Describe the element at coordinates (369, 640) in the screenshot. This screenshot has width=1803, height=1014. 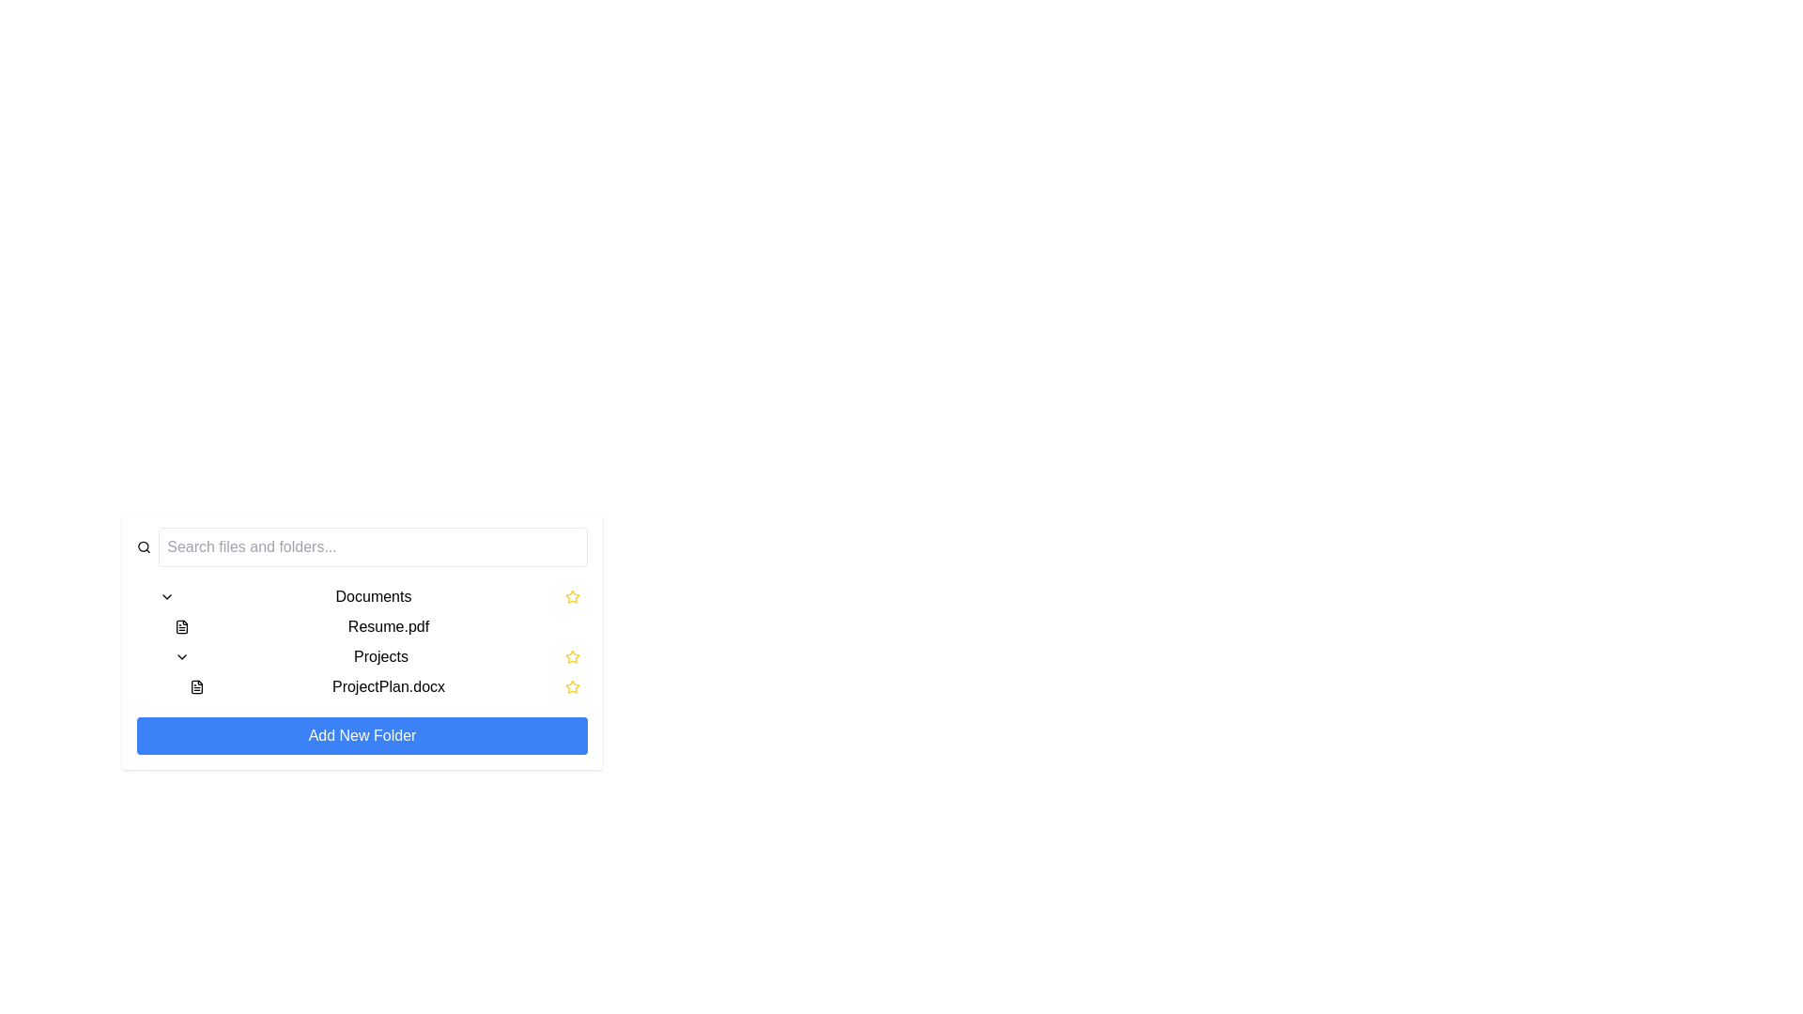
I see `to select the file 'Resume.pdf', which is the second nested item listed under the 'Documents' heading in the vertical list` at that location.